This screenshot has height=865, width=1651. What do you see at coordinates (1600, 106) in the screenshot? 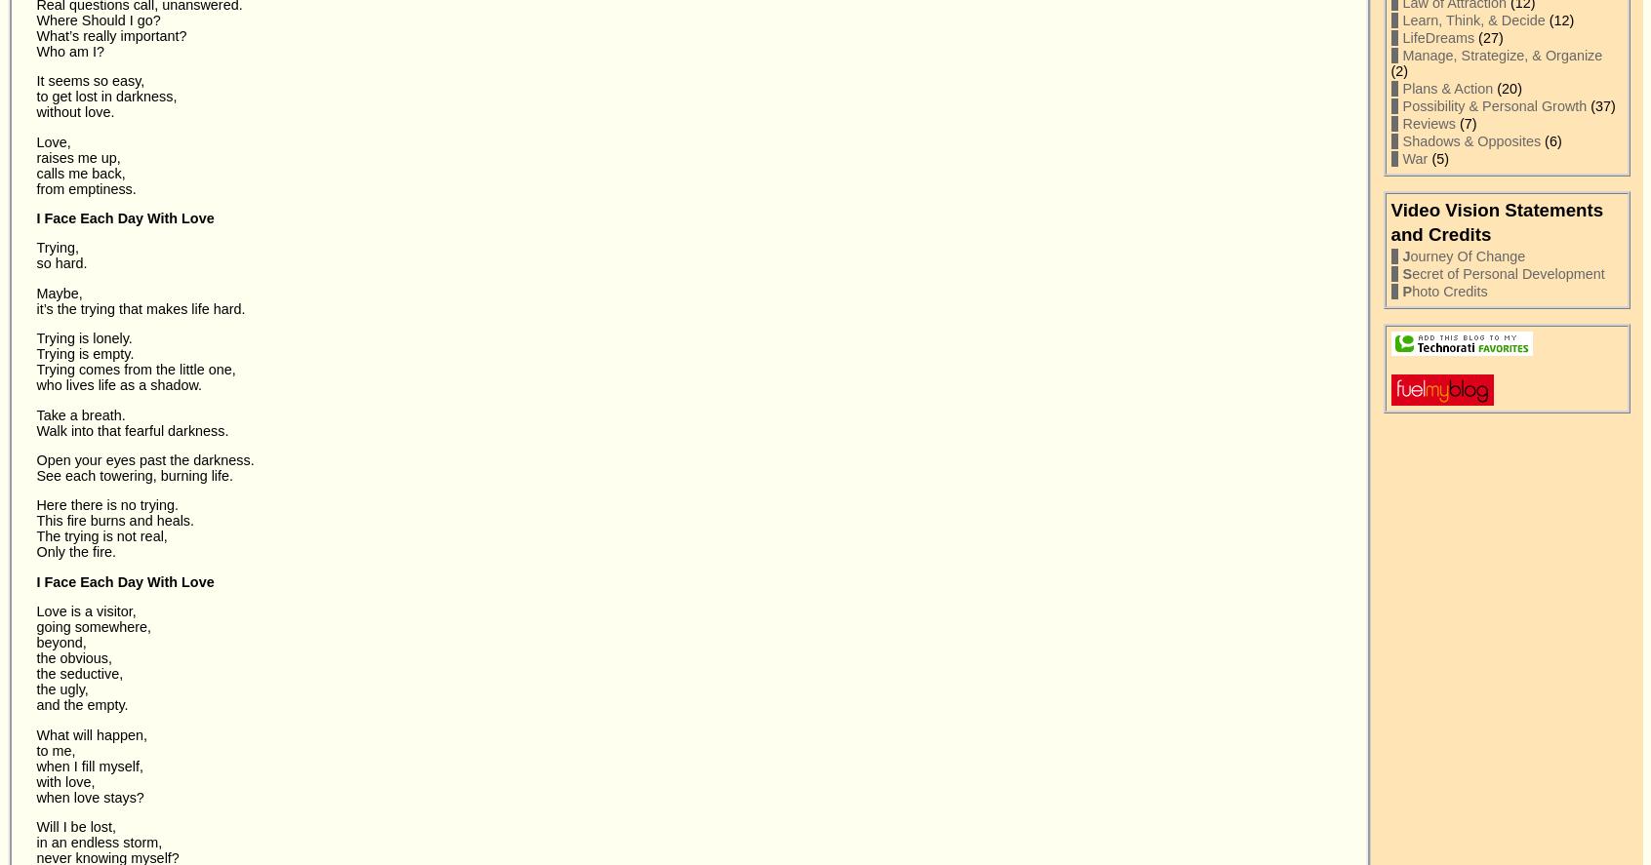
I see `'(37)'` at bounding box center [1600, 106].